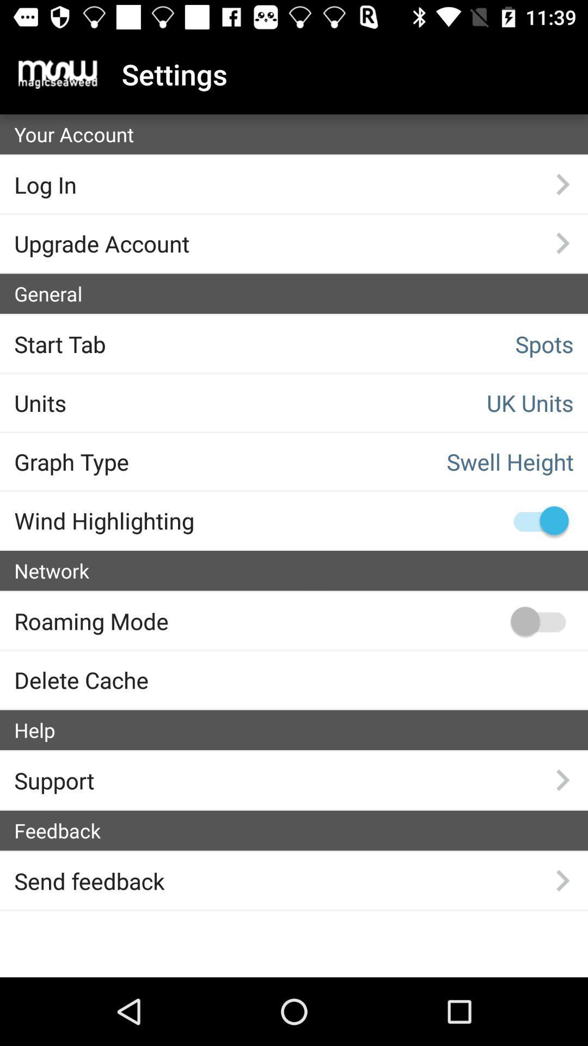 This screenshot has height=1046, width=588. I want to click on the button start tab on the web page, so click(142, 343).